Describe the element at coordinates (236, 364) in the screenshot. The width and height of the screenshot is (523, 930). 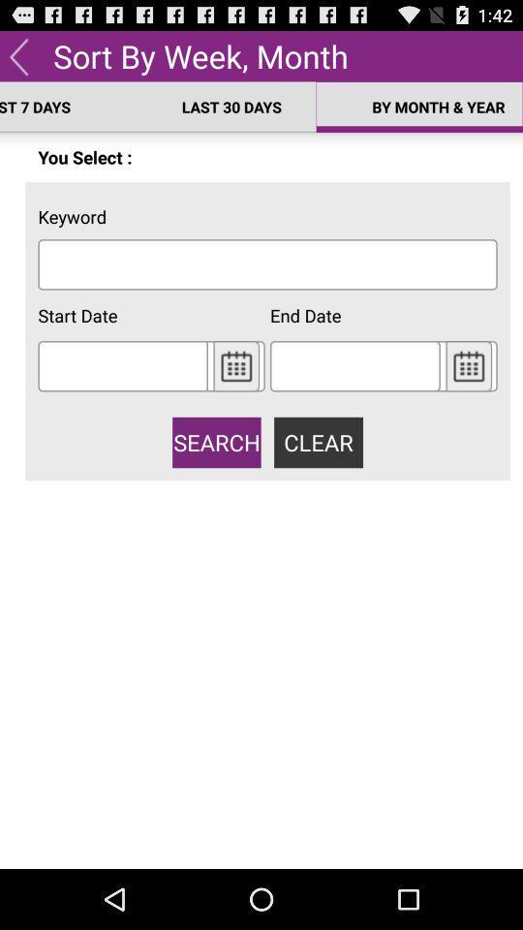
I see `click calender` at that location.